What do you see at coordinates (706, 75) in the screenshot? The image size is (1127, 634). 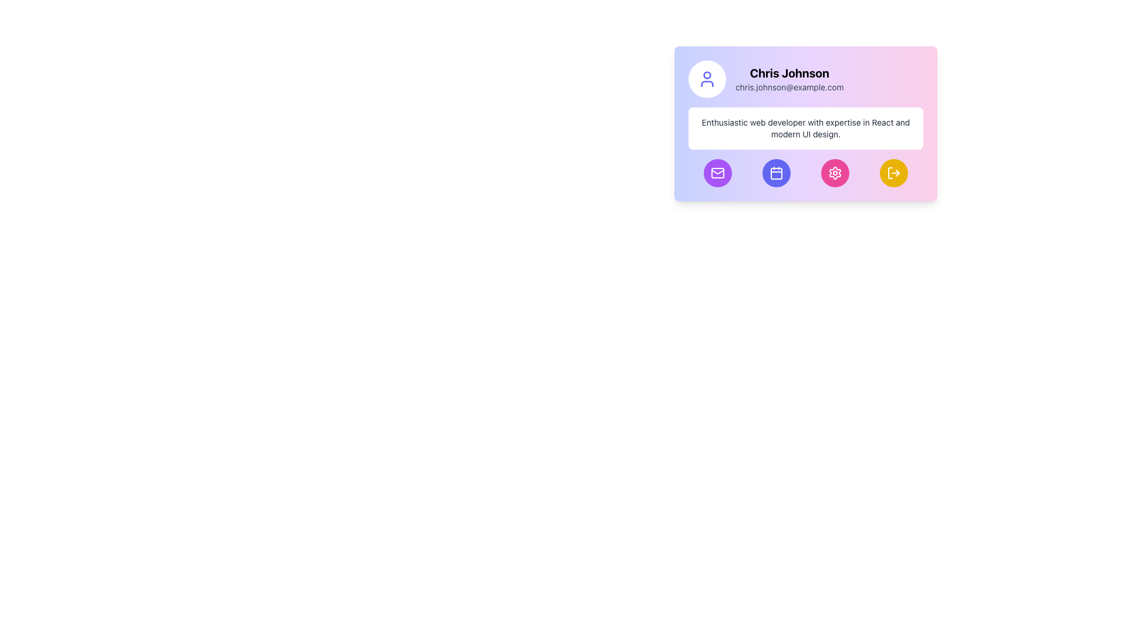 I see `the circular user profile icon representing the user's head, located at the top-left corner of the user information card` at bounding box center [706, 75].